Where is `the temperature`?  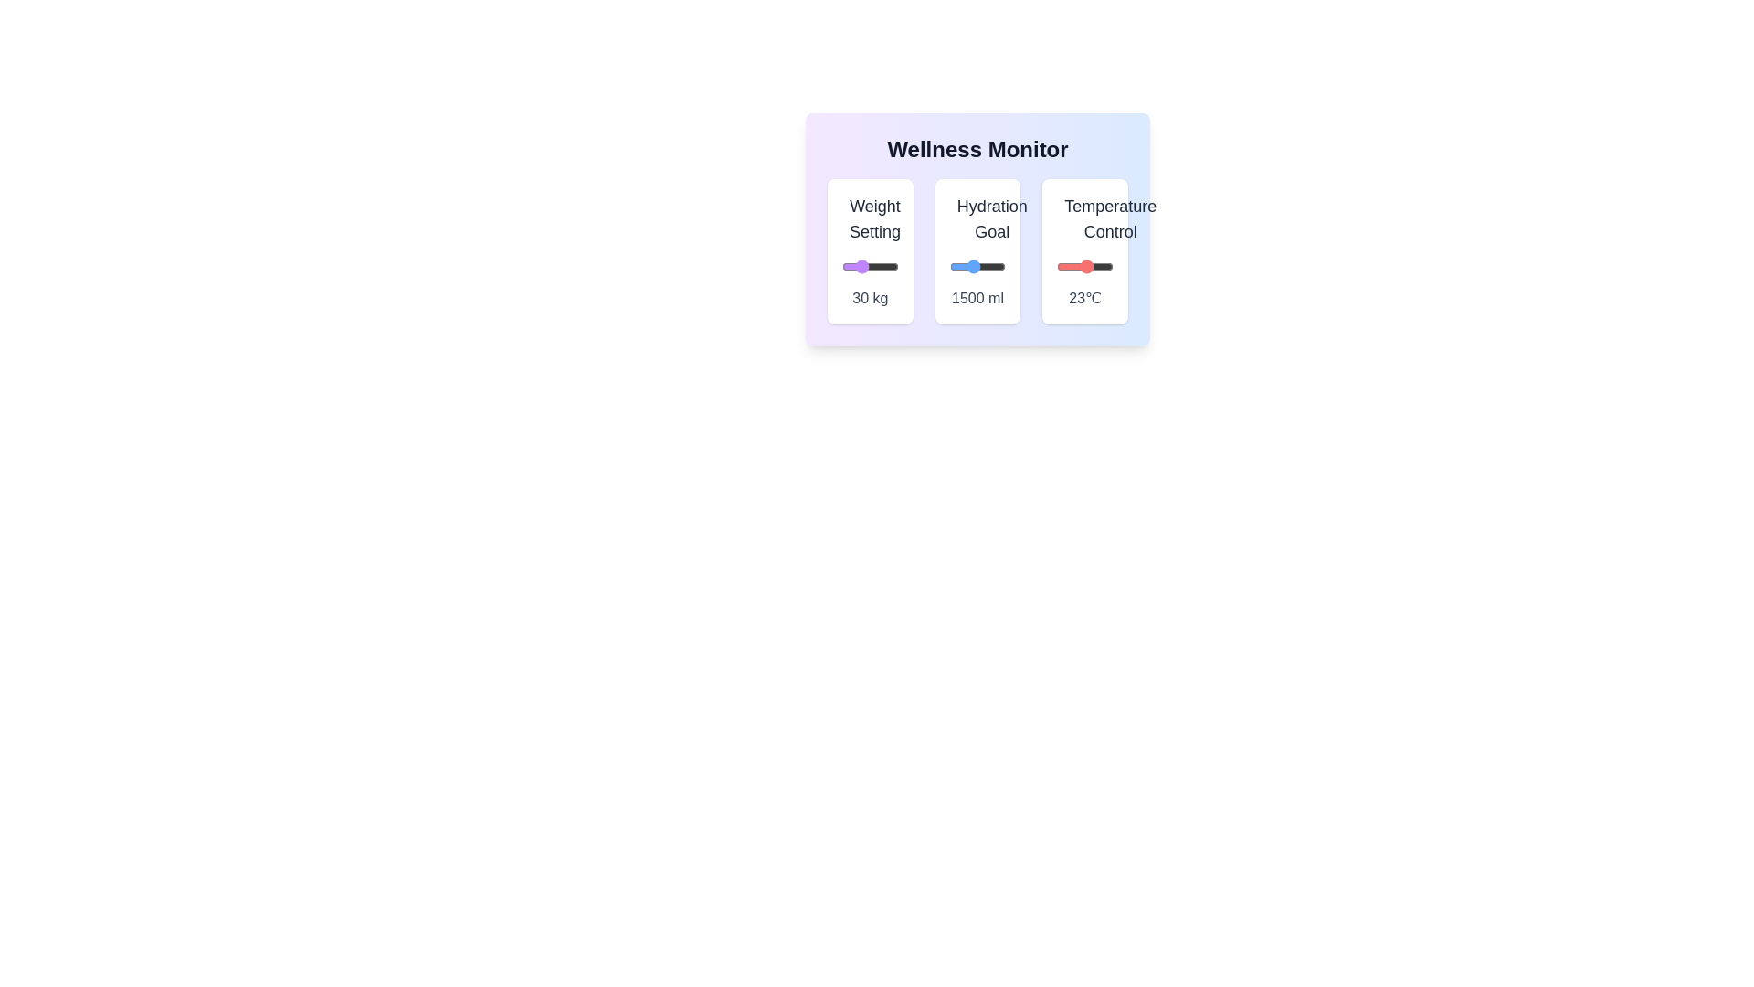 the temperature is located at coordinates (1079, 267).